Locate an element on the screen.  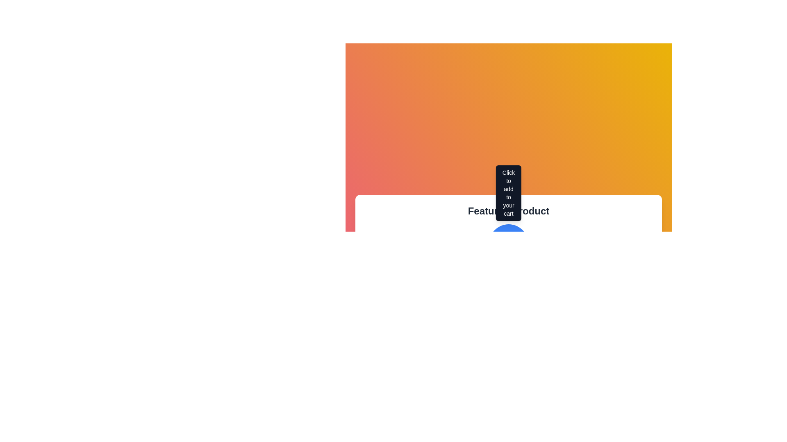
the 'Add to Cart' button located at the bottom of the featured product section is located at coordinates (508, 244).